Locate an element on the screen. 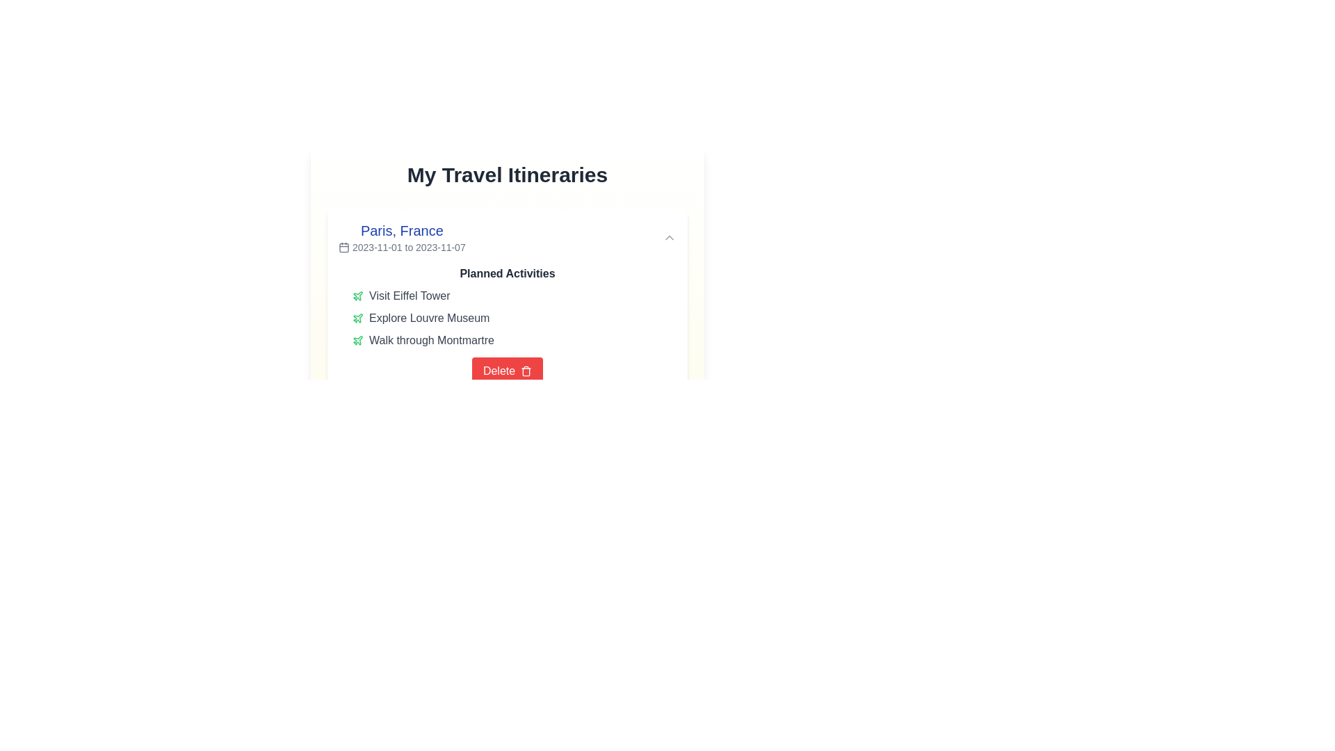  the calendar icon located to the left of the date range string '2023-11-01 to 2023-11-07' is located at coordinates (343, 246).